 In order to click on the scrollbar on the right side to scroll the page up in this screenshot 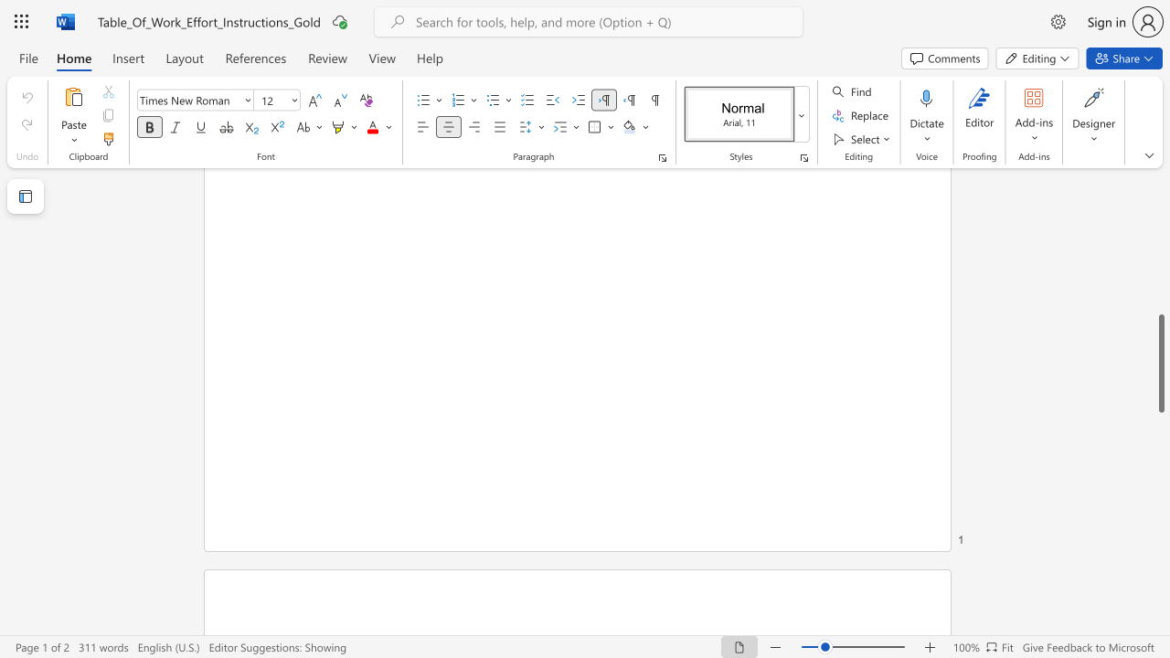, I will do `click(1160, 201)`.